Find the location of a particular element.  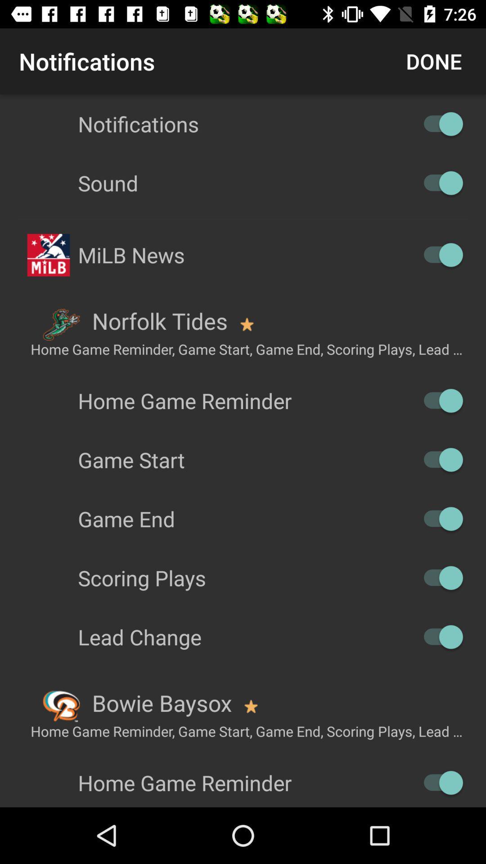

turn off scoring plays notifications is located at coordinates (438, 578).